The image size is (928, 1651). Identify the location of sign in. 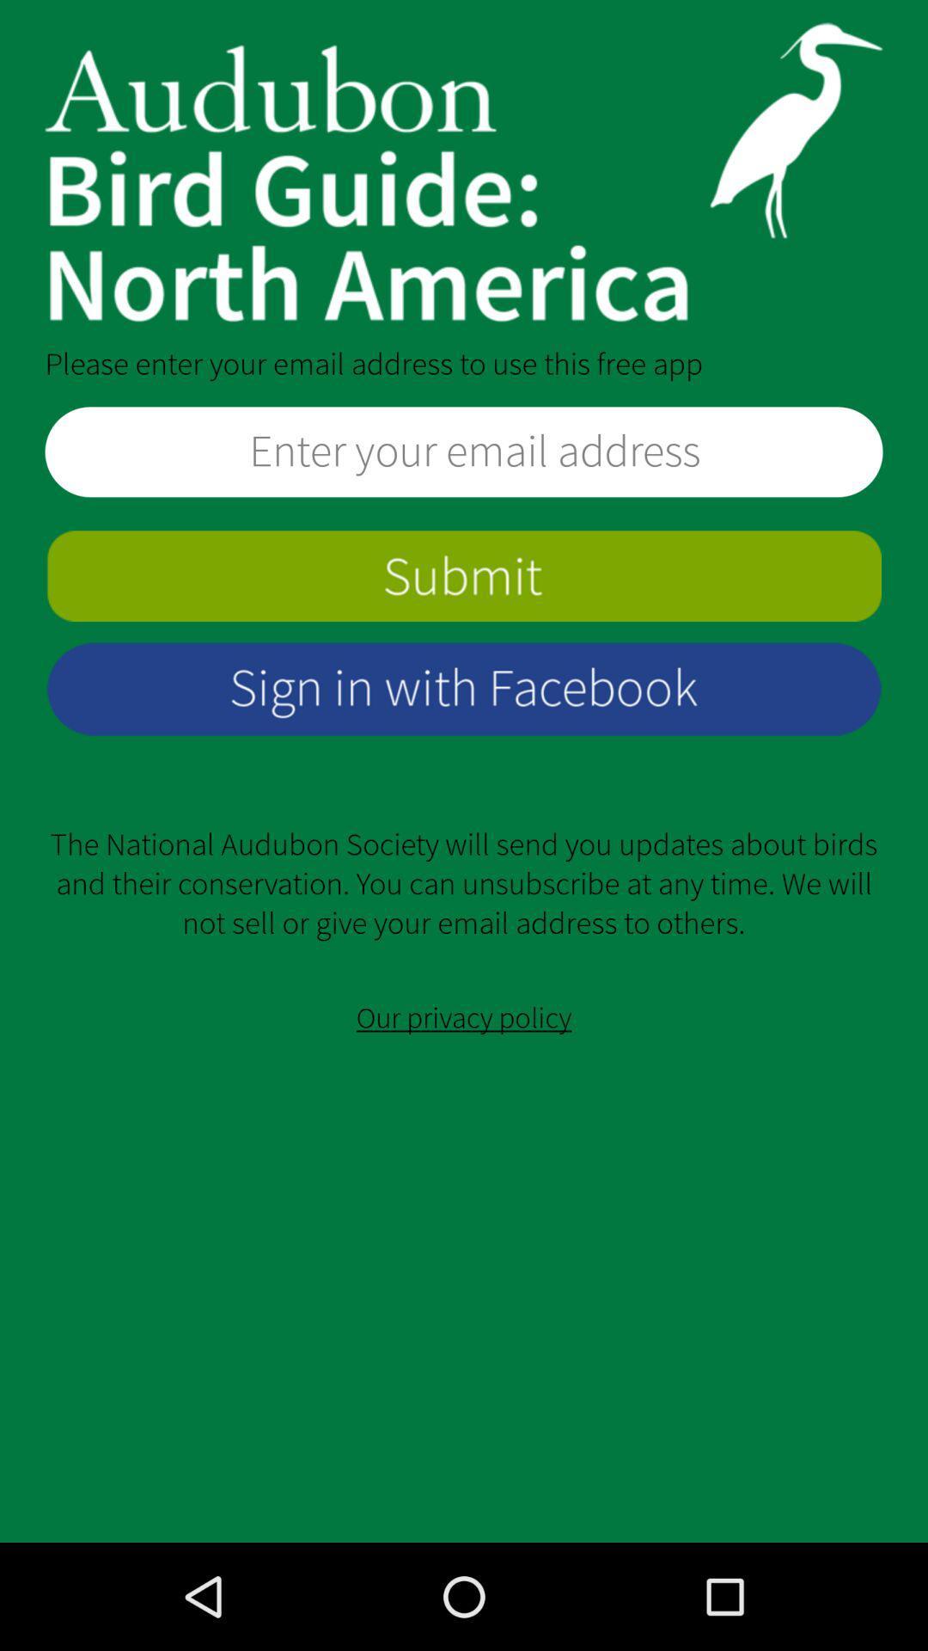
(464, 689).